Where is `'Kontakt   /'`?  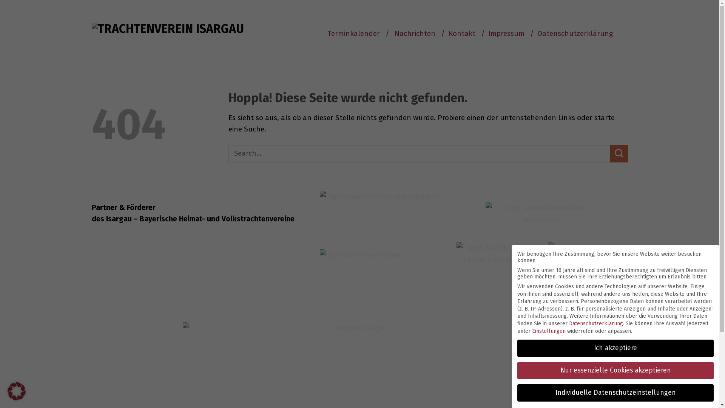
'Kontakt   /' is located at coordinates (466, 33).